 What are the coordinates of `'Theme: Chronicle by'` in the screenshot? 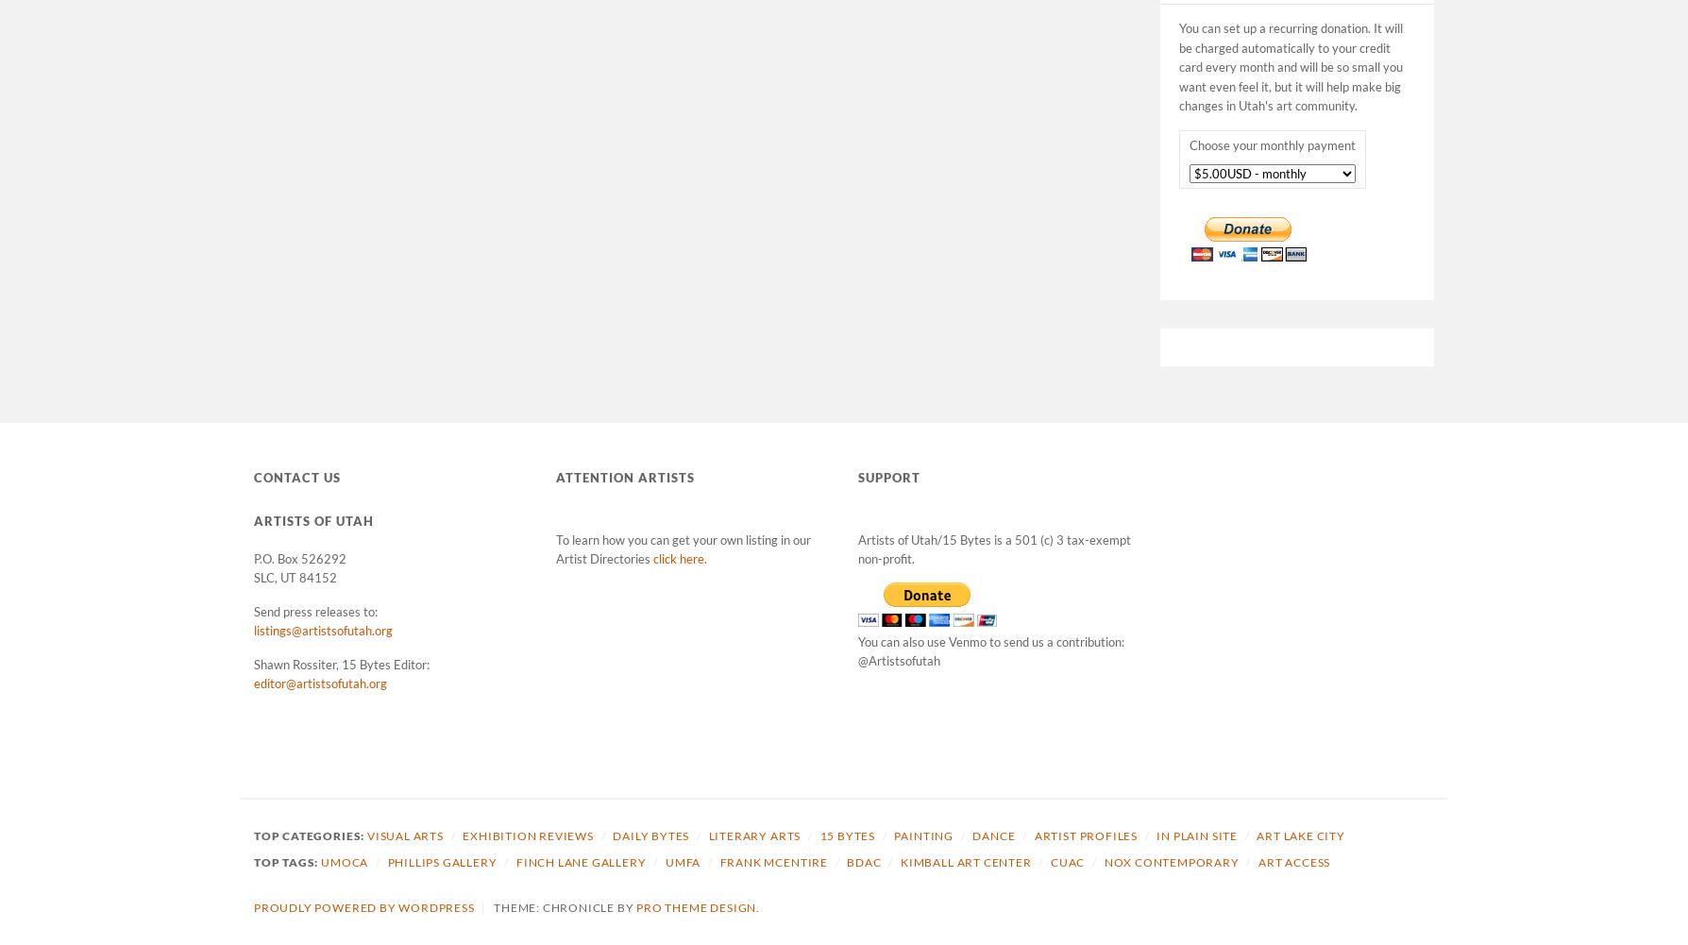 It's located at (493, 905).